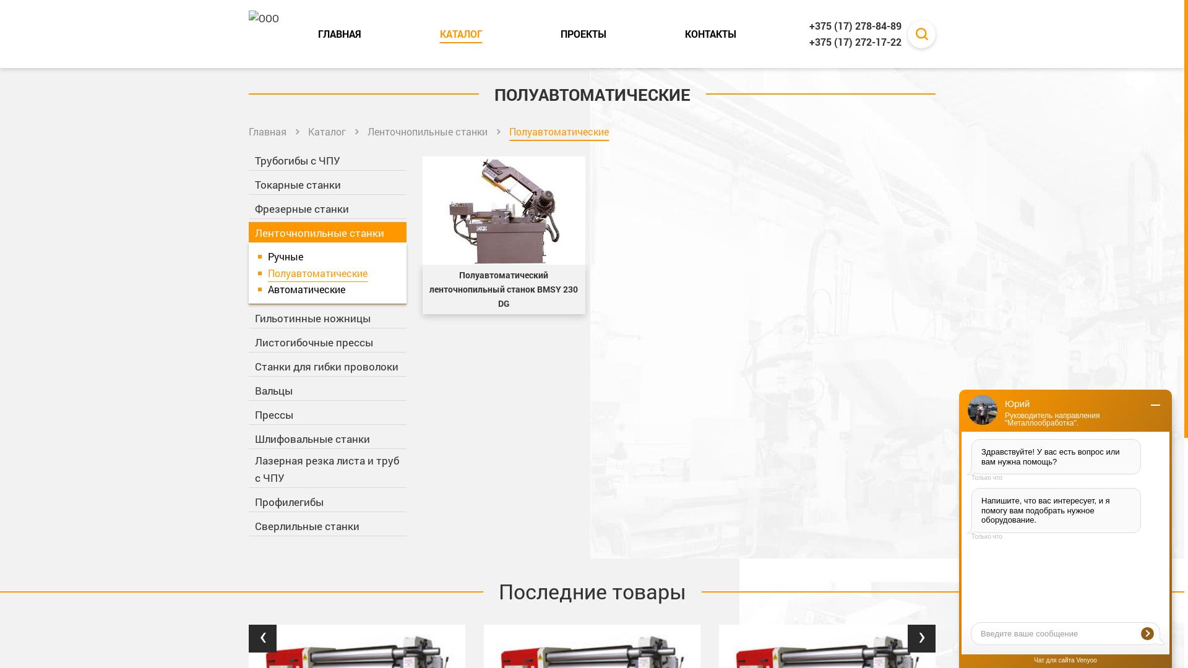  Describe the element at coordinates (854, 26) in the screenshot. I see `'+375 (17) 278-84-89'` at that location.